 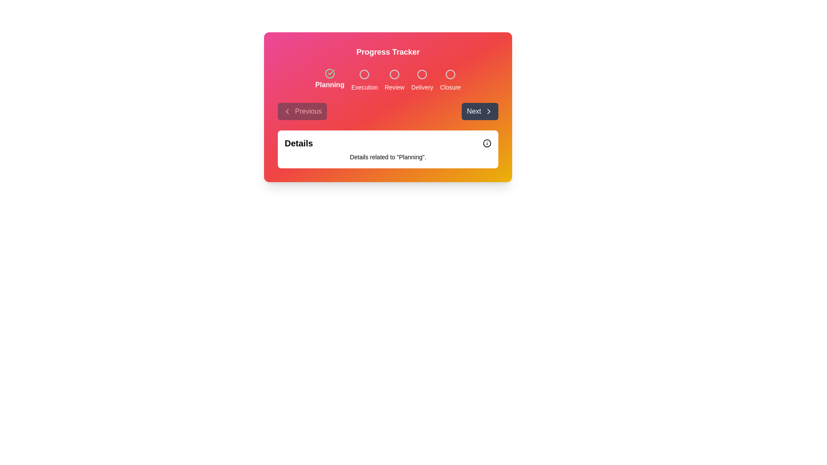 What do you see at coordinates (287, 111) in the screenshot?
I see `the left-facing chevron icon (SVG) located on the left side of the 'Previous' button to initiate navigation` at bounding box center [287, 111].